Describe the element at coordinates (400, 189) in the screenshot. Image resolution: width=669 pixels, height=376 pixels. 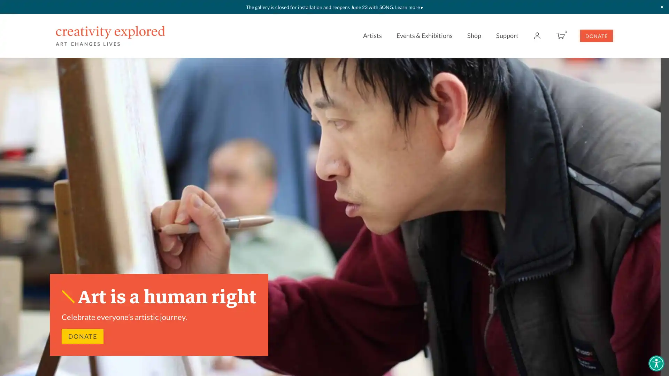
I see `SUBSCRIBE` at that location.